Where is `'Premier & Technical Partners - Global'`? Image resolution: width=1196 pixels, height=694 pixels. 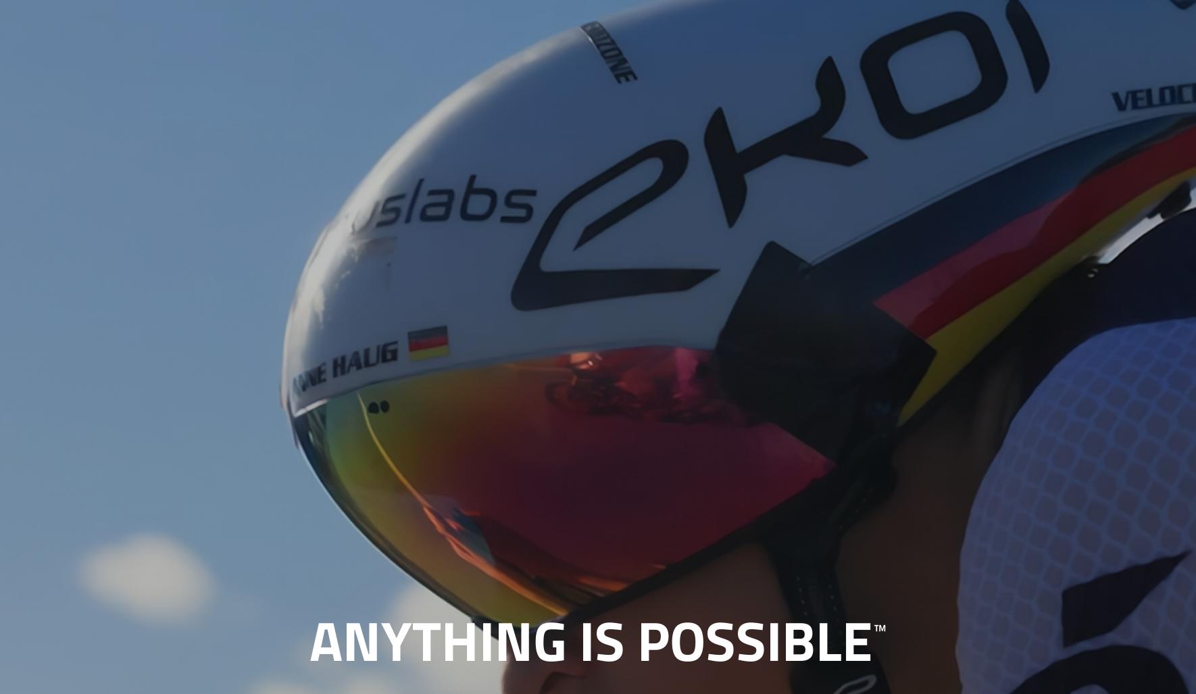
'Premier & Technical Partners - Global' is located at coordinates (467, 491).